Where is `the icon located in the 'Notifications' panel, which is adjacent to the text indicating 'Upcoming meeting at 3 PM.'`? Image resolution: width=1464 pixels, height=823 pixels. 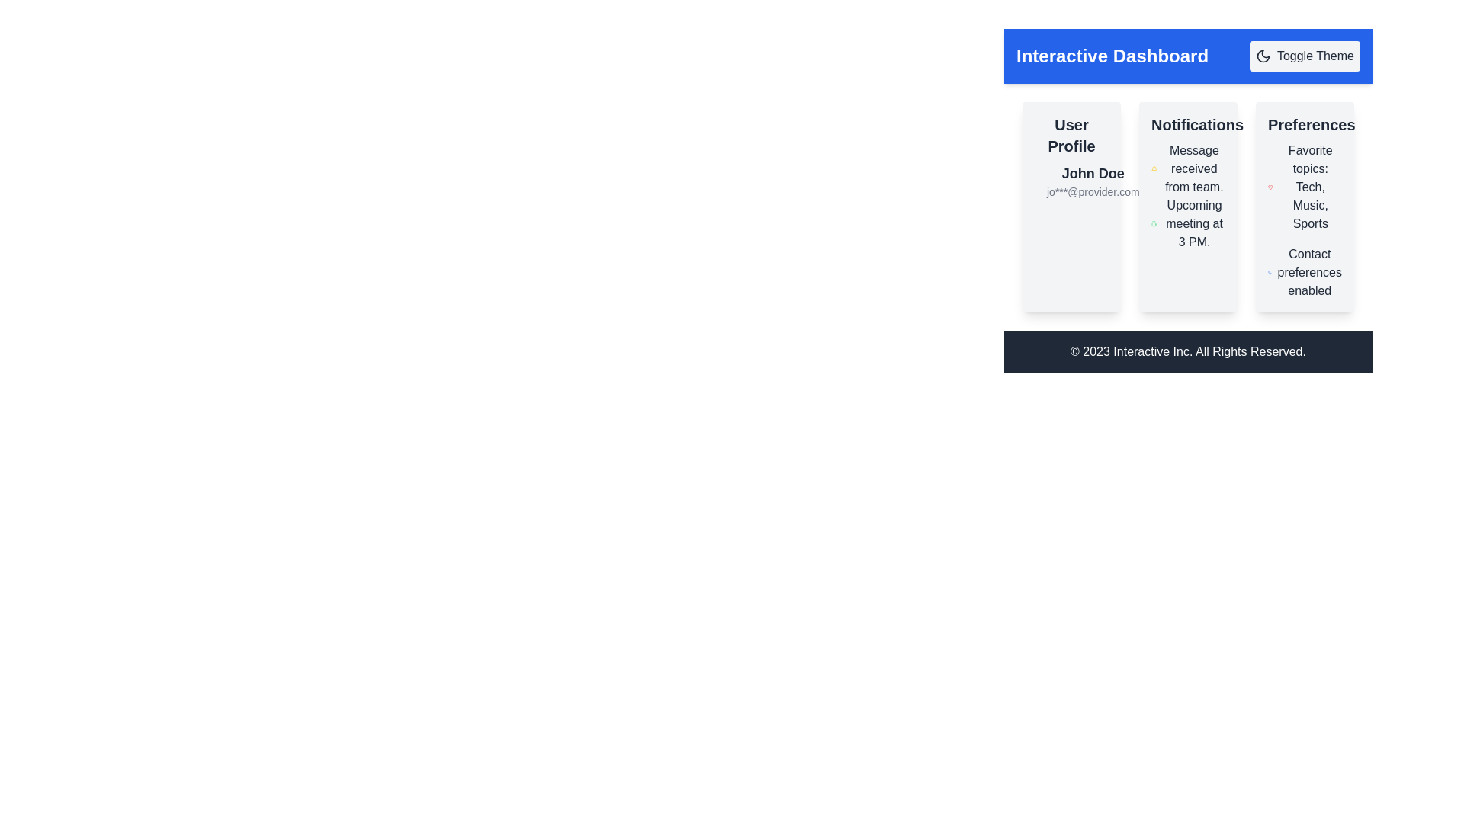 the icon located in the 'Notifications' panel, which is adjacent to the text indicating 'Upcoming meeting at 3 PM.' is located at coordinates (1154, 223).